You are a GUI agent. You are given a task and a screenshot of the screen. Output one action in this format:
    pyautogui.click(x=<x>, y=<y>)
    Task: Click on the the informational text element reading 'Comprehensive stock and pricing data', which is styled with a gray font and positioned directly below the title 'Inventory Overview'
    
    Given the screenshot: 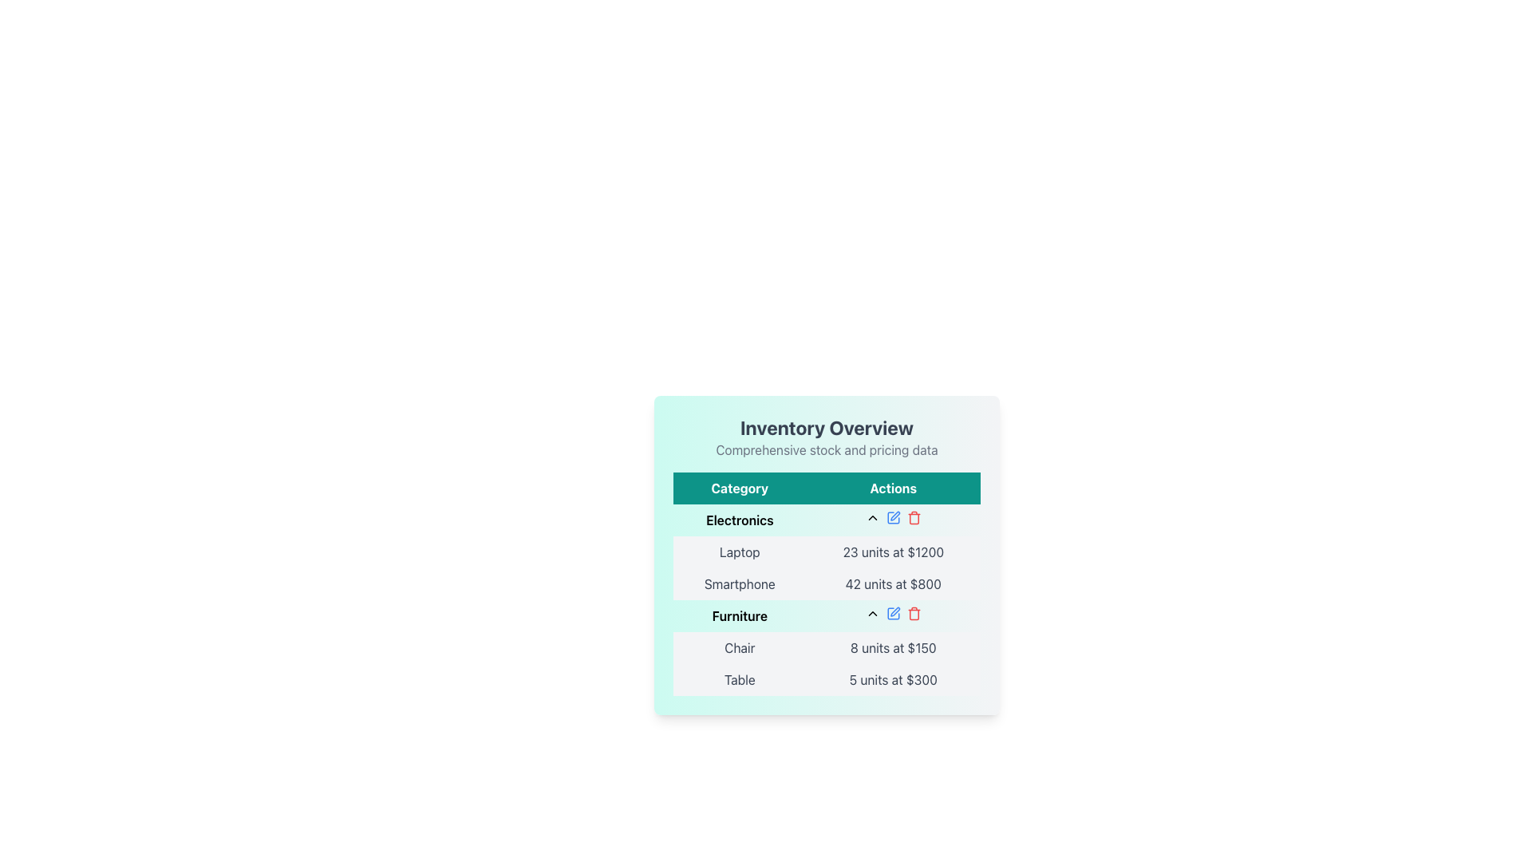 What is the action you would take?
    pyautogui.click(x=827, y=449)
    